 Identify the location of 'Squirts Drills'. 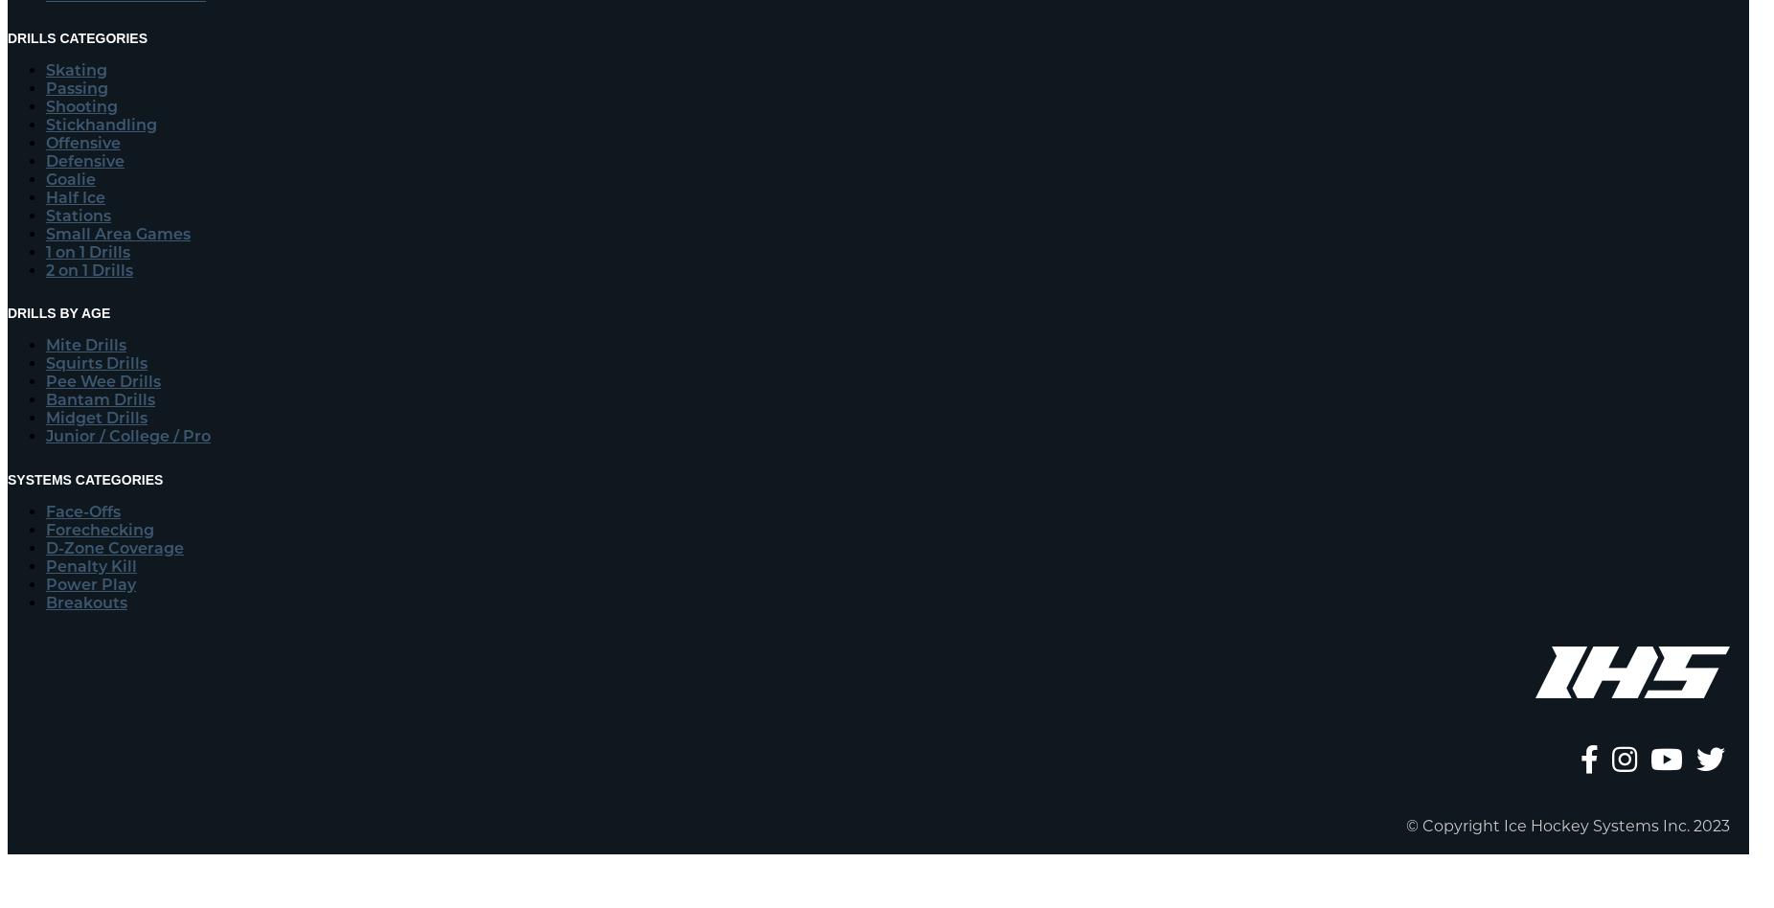
(44, 362).